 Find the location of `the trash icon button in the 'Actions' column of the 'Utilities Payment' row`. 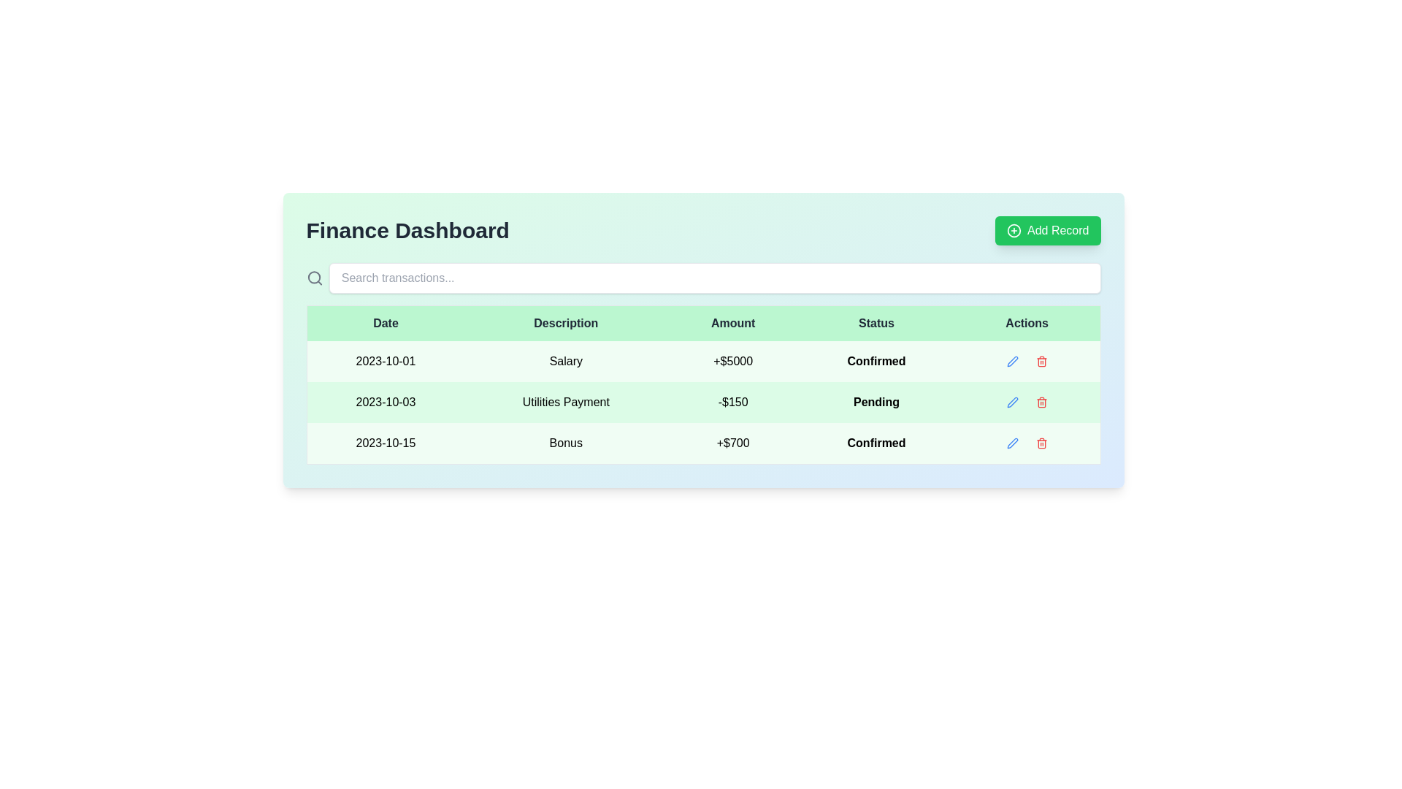

the trash icon button in the 'Actions' column of the 'Utilities Payment' row is located at coordinates (1041, 403).